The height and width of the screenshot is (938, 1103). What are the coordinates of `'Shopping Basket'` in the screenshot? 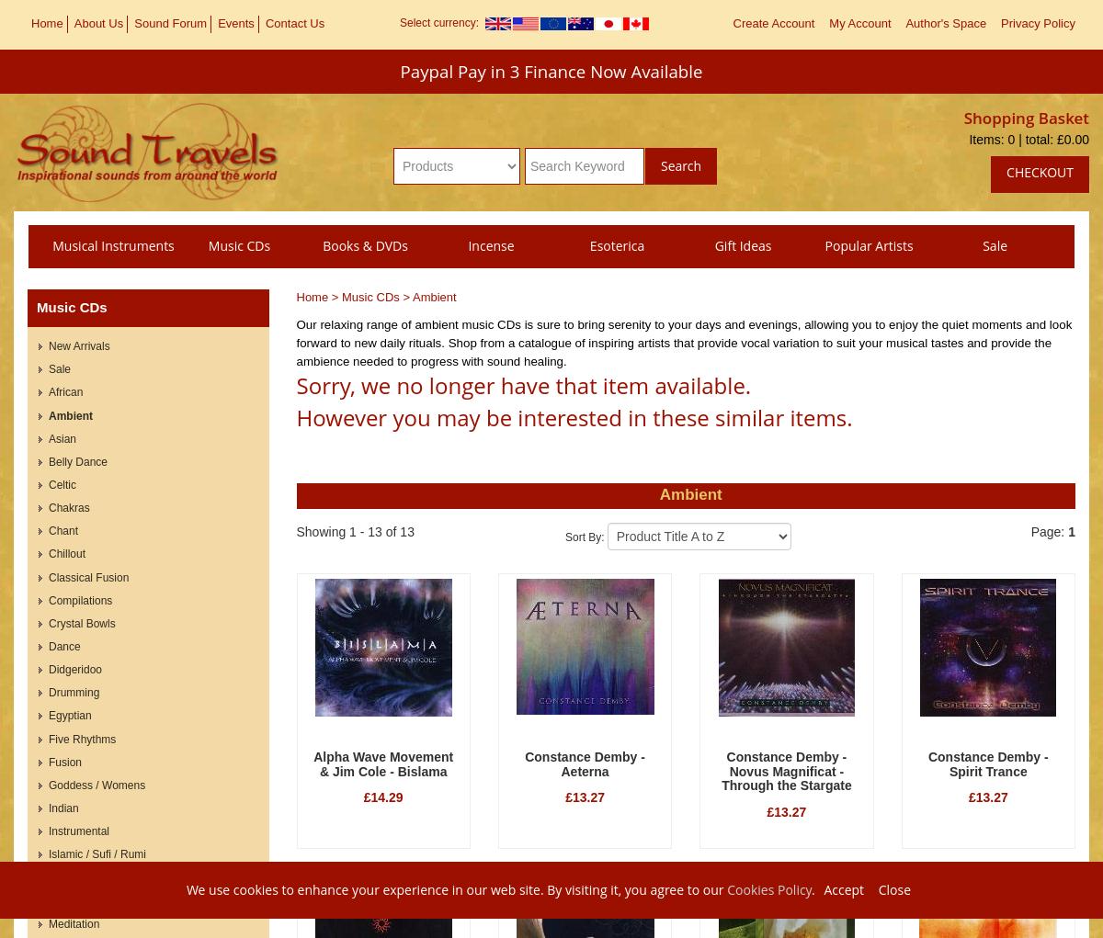 It's located at (1025, 117).